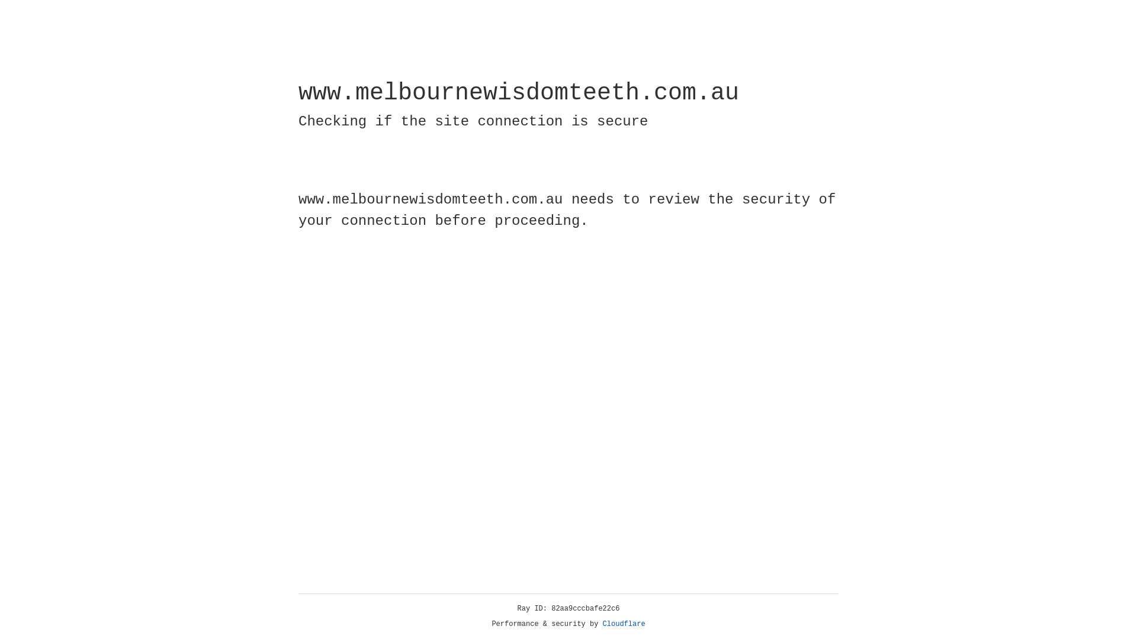 The image size is (1137, 639). What do you see at coordinates (624, 624) in the screenshot?
I see `'Cloudflare'` at bounding box center [624, 624].